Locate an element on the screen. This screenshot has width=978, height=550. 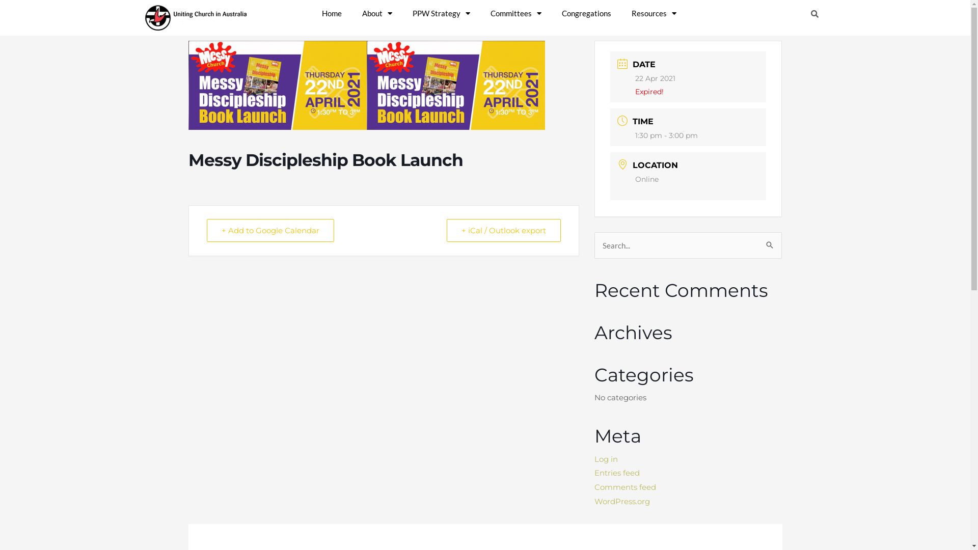
'Log in' is located at coordinates (606, 459).